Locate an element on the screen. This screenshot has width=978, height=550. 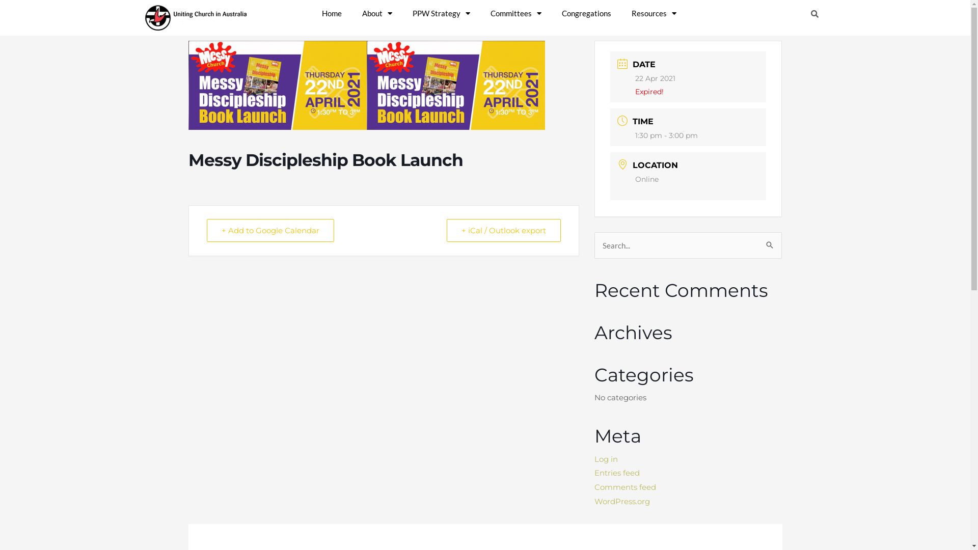
'Log in' is located at coordinates (606, 459).